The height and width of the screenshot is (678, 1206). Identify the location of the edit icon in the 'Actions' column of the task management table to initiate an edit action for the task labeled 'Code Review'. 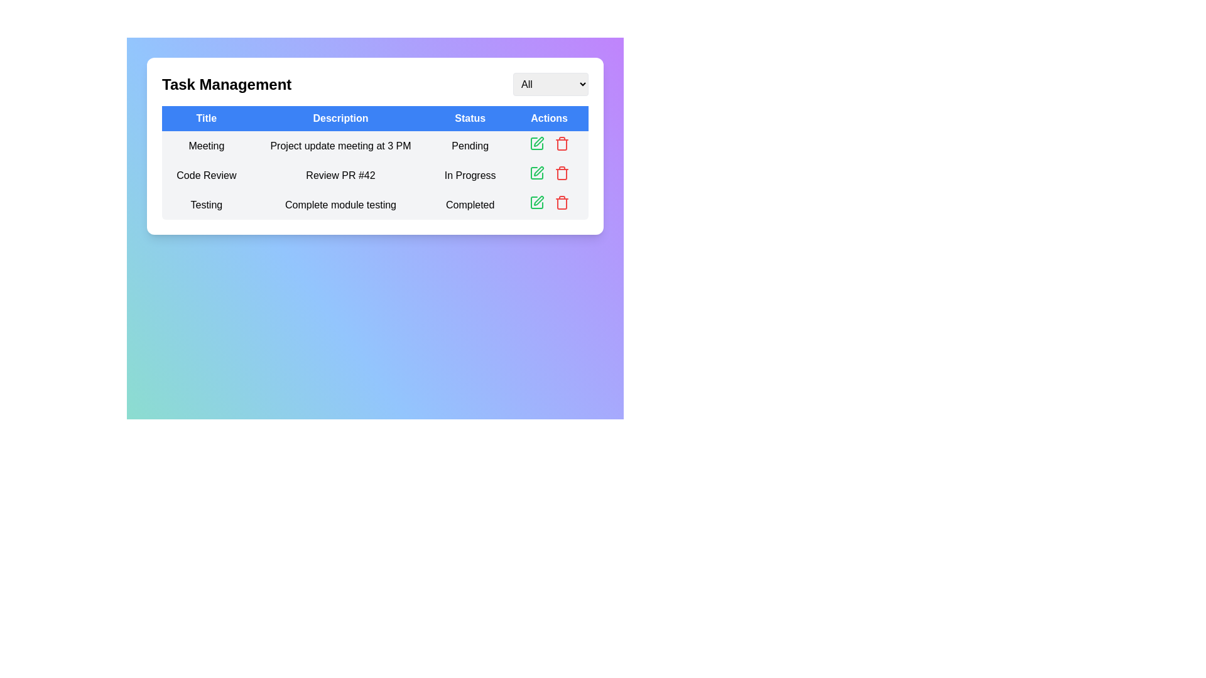
(536, 173).